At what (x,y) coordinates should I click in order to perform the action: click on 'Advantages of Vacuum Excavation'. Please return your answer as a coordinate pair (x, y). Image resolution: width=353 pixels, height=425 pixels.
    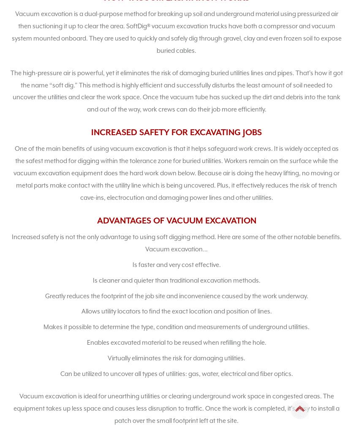
    Looking at the image, I should click on (176, 220).